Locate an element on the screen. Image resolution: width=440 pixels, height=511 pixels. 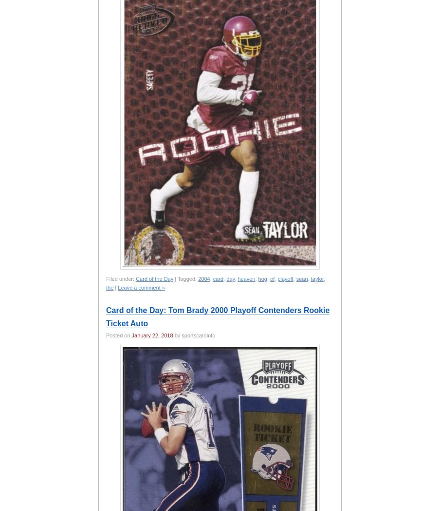
'by sportscardinfo' is located at coordinates (194, 335).